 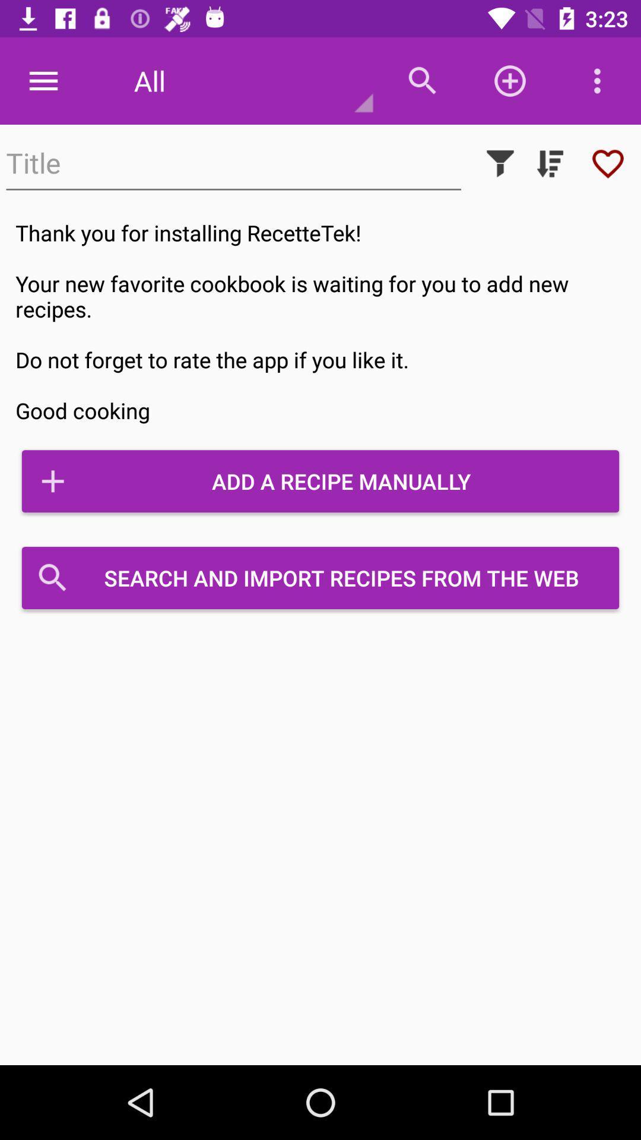 What do you see at coordinates (608, 163) in the screenshot?
I see `the favorite icon` at bounding box center [608, 163].